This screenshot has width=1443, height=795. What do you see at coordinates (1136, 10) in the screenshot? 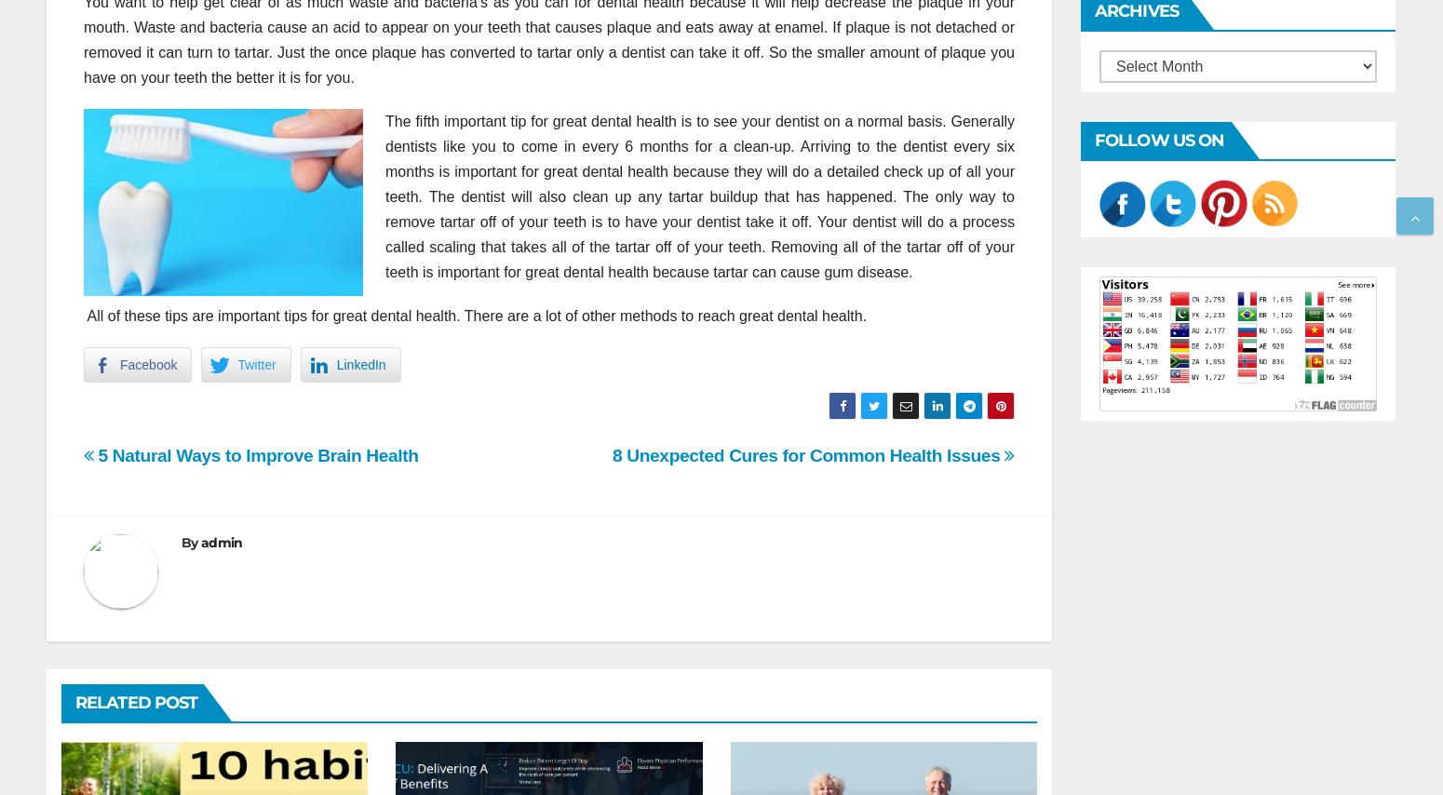
I see `'Archives'` at bounding box center [1136, 10].